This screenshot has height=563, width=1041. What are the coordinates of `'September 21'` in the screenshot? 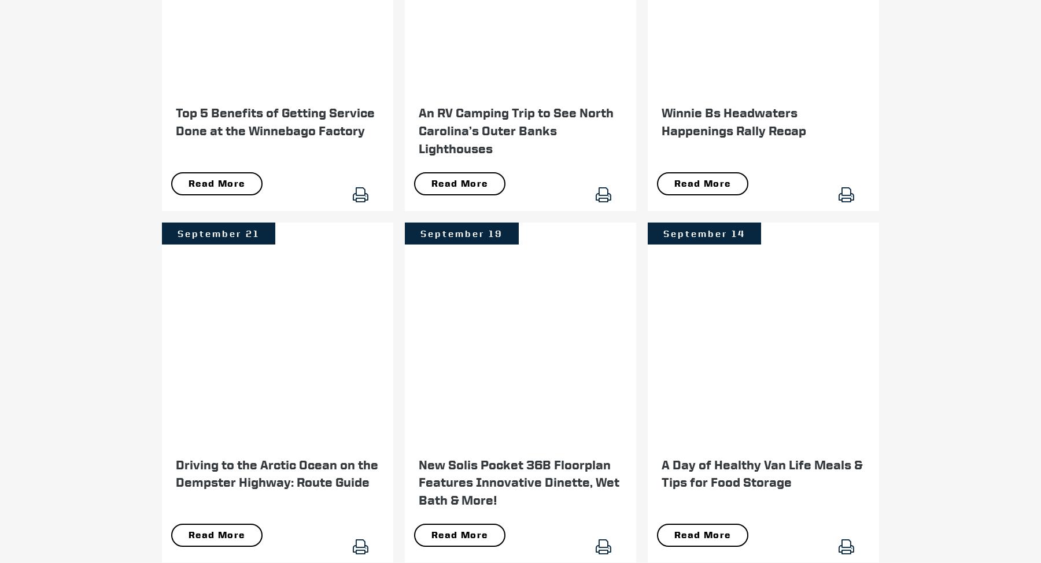 It's located at (219, 233).